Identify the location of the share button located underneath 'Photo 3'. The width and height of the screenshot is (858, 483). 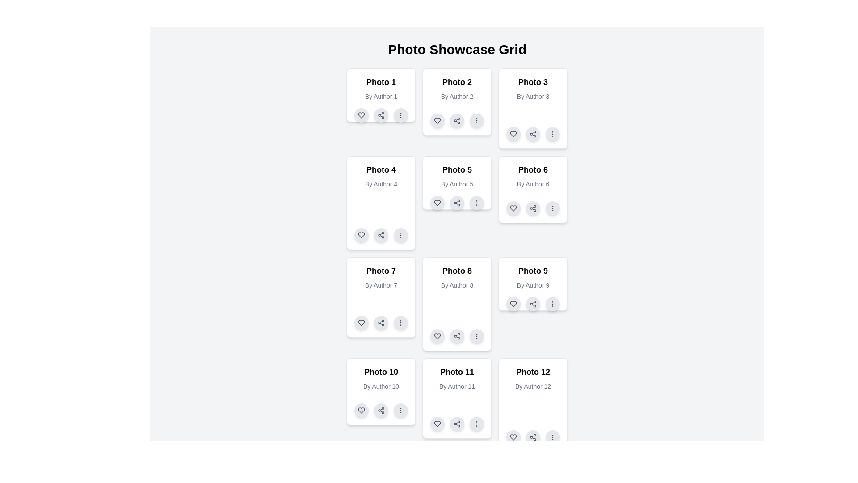
(533, 134).